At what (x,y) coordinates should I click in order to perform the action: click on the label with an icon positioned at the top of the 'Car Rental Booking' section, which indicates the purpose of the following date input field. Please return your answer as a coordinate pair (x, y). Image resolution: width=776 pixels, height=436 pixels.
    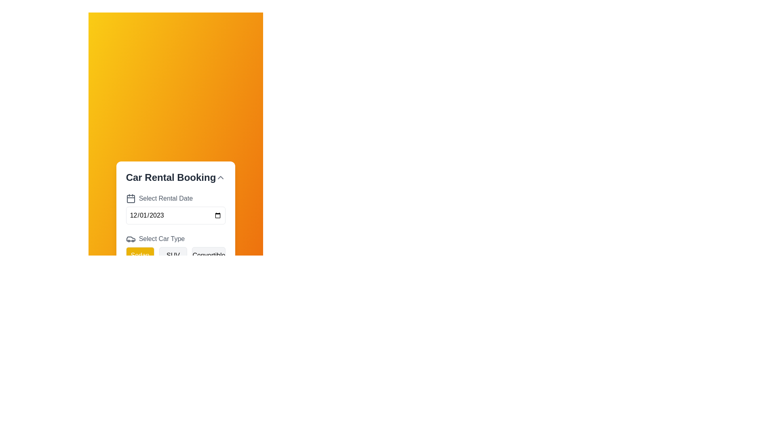
    Looking at the image, I should click on (175, 199).